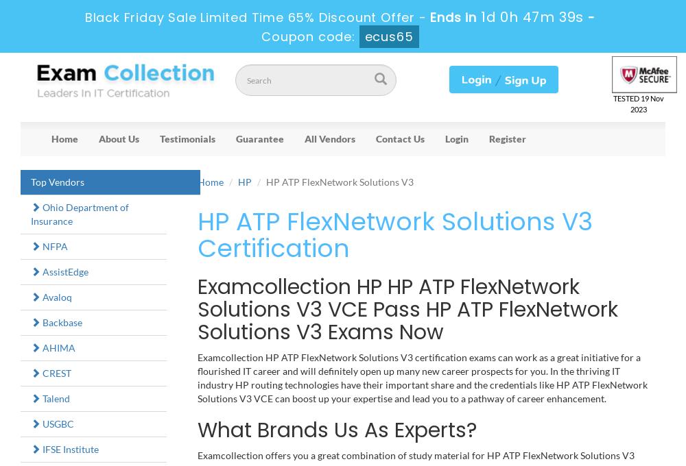  What do you see at coordinates (40, 245) in the screenshot?
I see `'NFPA'` at bounding box center [40, 245].